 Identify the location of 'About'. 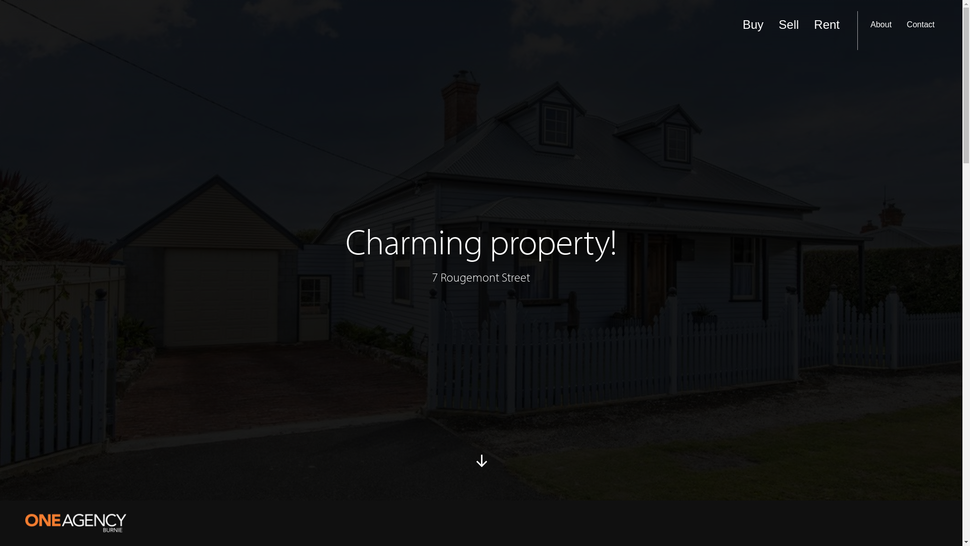
(880, 30).